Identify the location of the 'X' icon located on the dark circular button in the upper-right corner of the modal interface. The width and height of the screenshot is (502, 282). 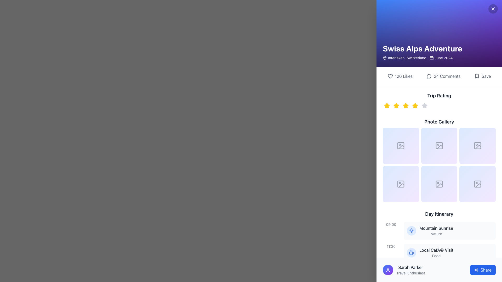
(493, 9).